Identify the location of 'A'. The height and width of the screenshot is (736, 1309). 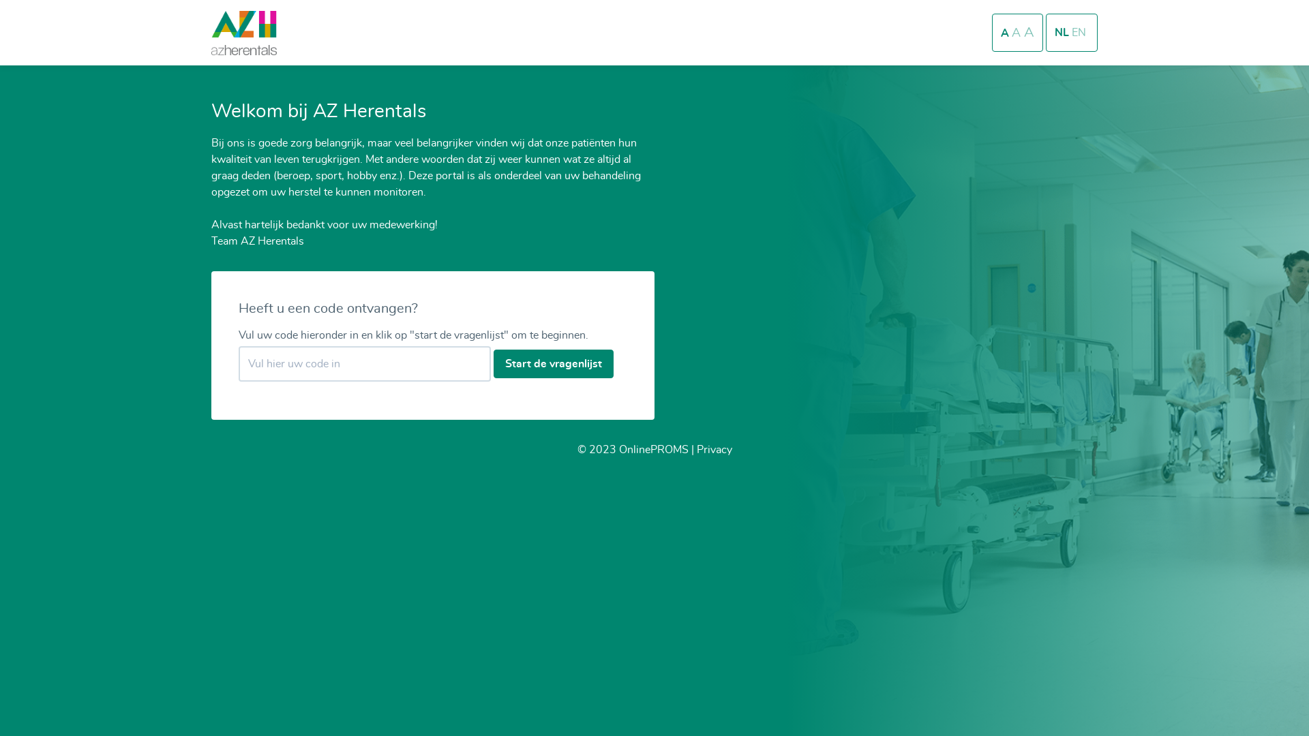
(1029, 31).